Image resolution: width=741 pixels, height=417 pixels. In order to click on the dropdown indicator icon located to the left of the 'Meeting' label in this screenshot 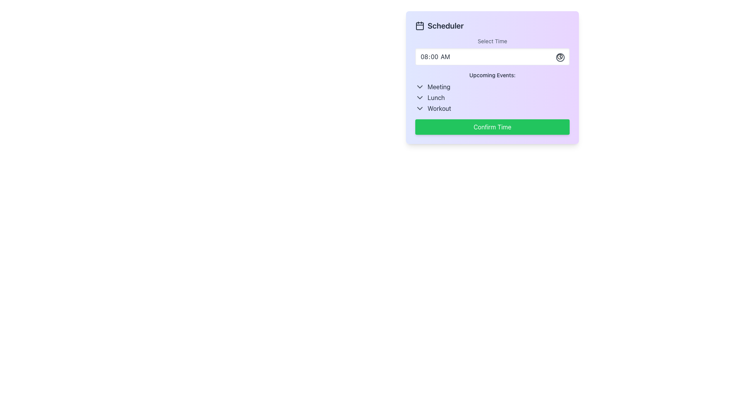, I will do `click(420, 86)`.